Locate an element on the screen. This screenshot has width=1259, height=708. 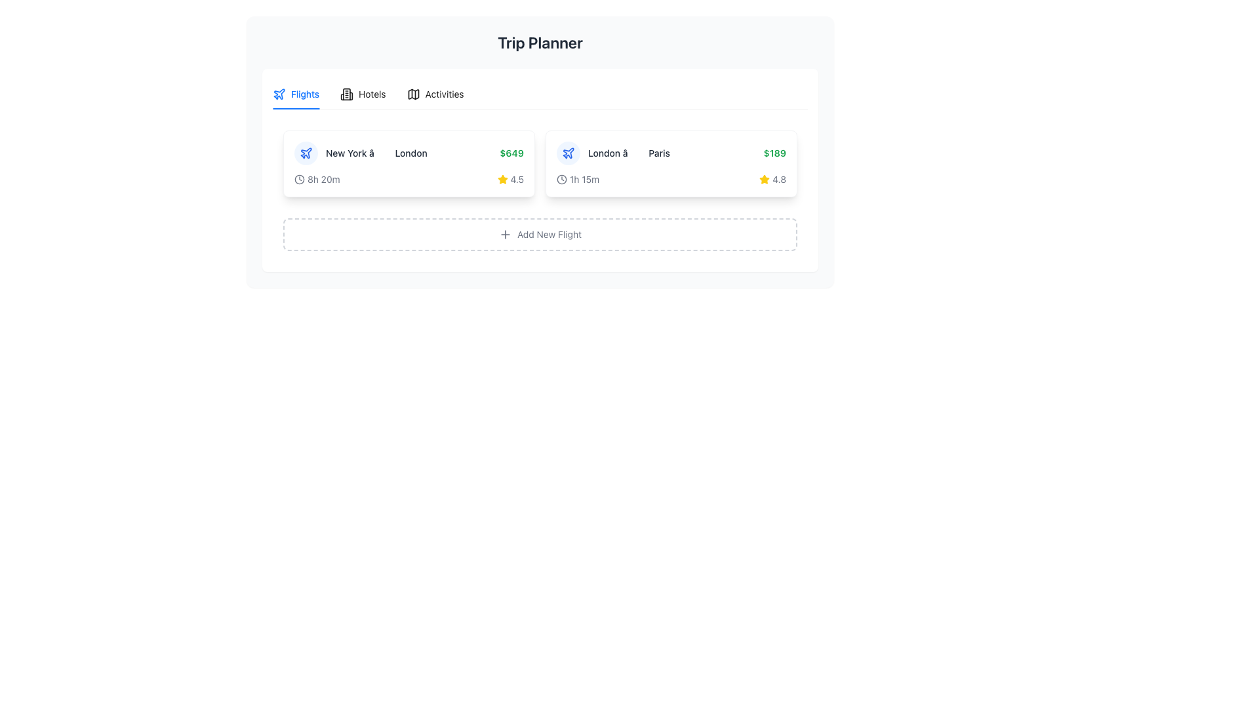
the activities tab located between the 'Hotels' tab and the content area in the navigation bar is located at coordinates (435, 93).